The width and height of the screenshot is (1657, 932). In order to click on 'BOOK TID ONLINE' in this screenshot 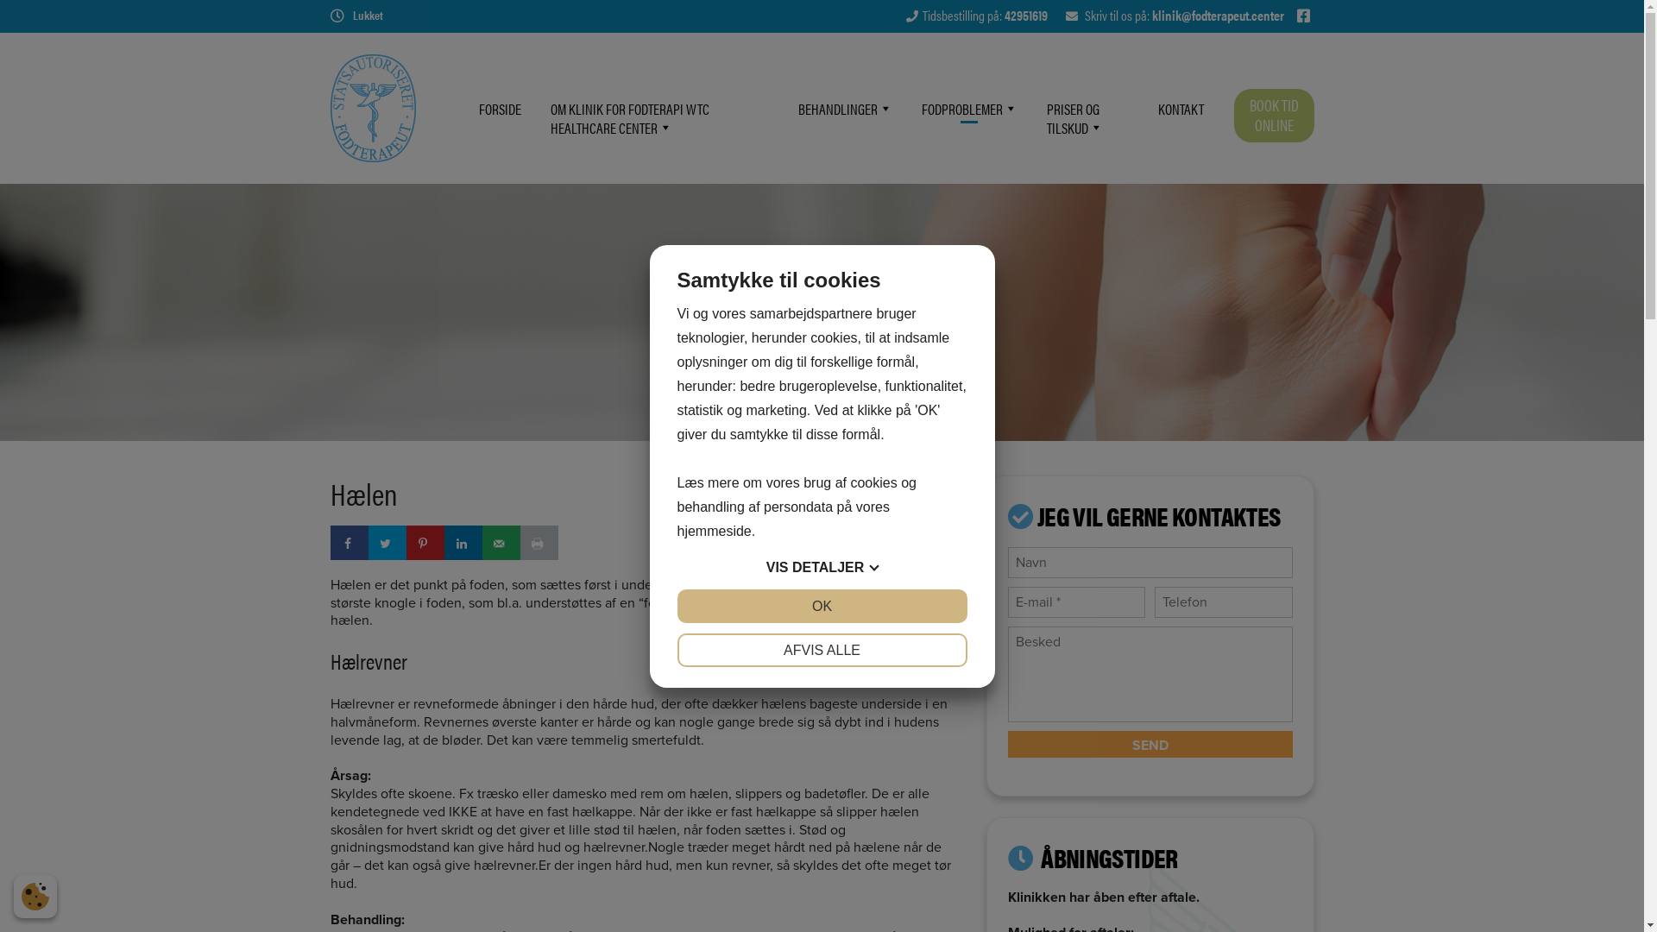, I will do `click(1233, 116)`.